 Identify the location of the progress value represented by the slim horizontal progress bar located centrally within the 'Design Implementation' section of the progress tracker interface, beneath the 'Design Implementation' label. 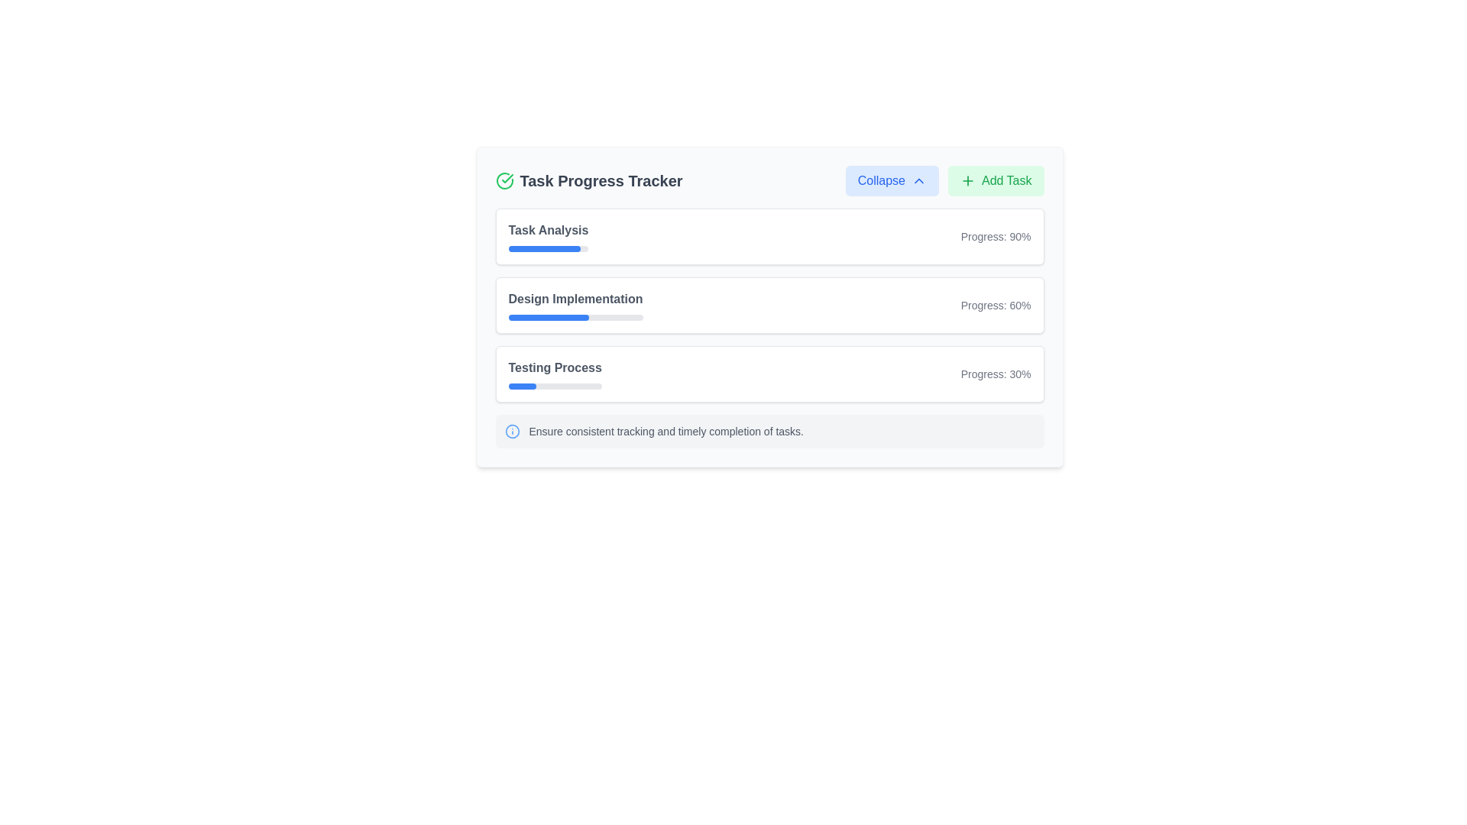
(575, 317).